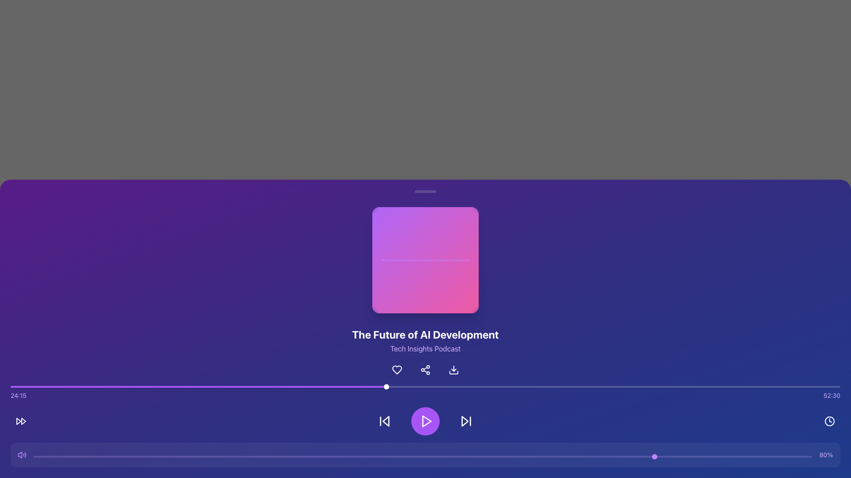 This screenshot has width=851, height=478. Describe the element at coordinates (246, 386) in the screenshot. I see `progress` at that location.